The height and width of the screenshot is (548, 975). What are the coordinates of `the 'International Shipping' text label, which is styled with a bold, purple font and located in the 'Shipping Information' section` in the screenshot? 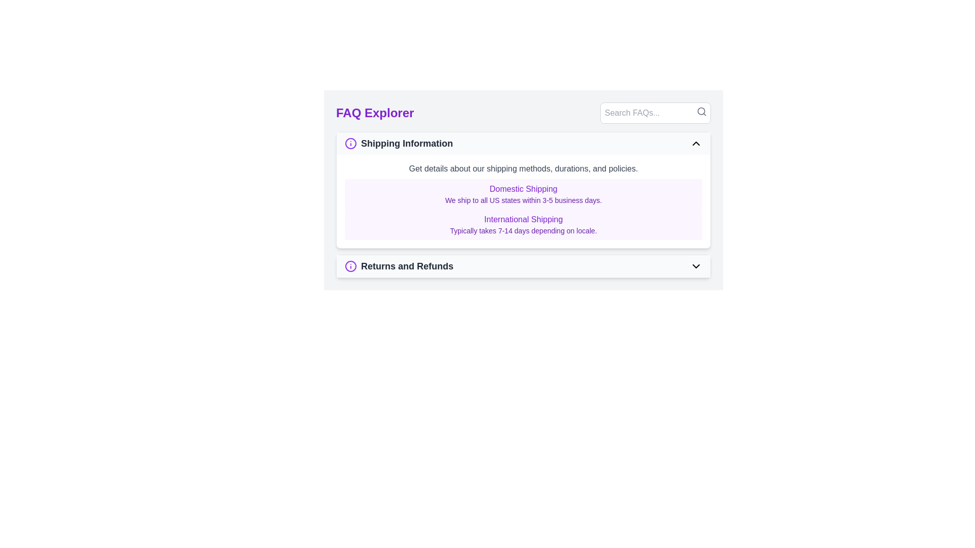 It's located at (524, 219).